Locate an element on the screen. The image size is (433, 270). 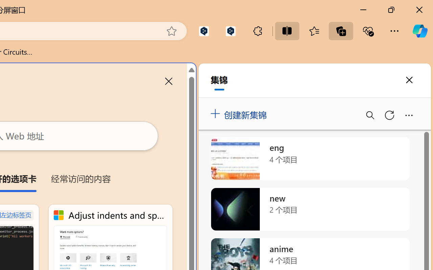
'Copilot (Ctrl+Shift+.)' is located at coordinates (419, 31).